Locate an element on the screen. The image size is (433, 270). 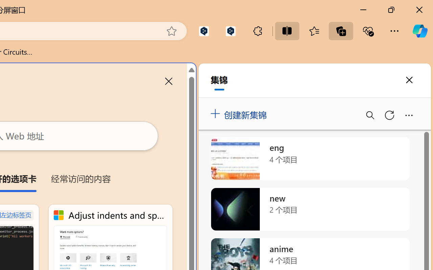
'Copilot (Ctrl+Shift+.)' is located at coordinates (419, 31).